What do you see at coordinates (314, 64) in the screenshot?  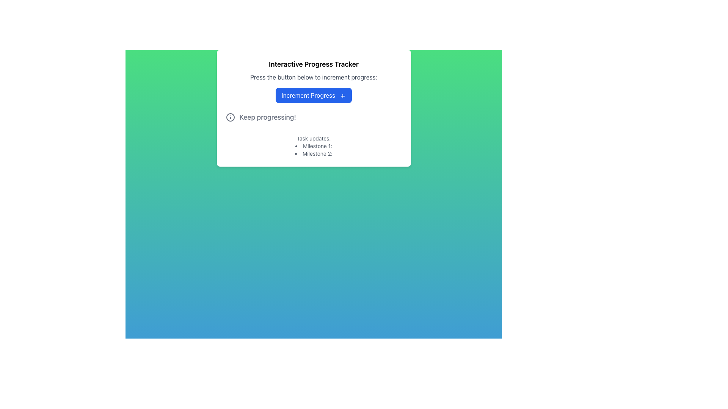 I see `the bold heading 'Interactive Progress Tracker' which is prominently displayed at the top of a rounded card` at bounding box center [314, 64].